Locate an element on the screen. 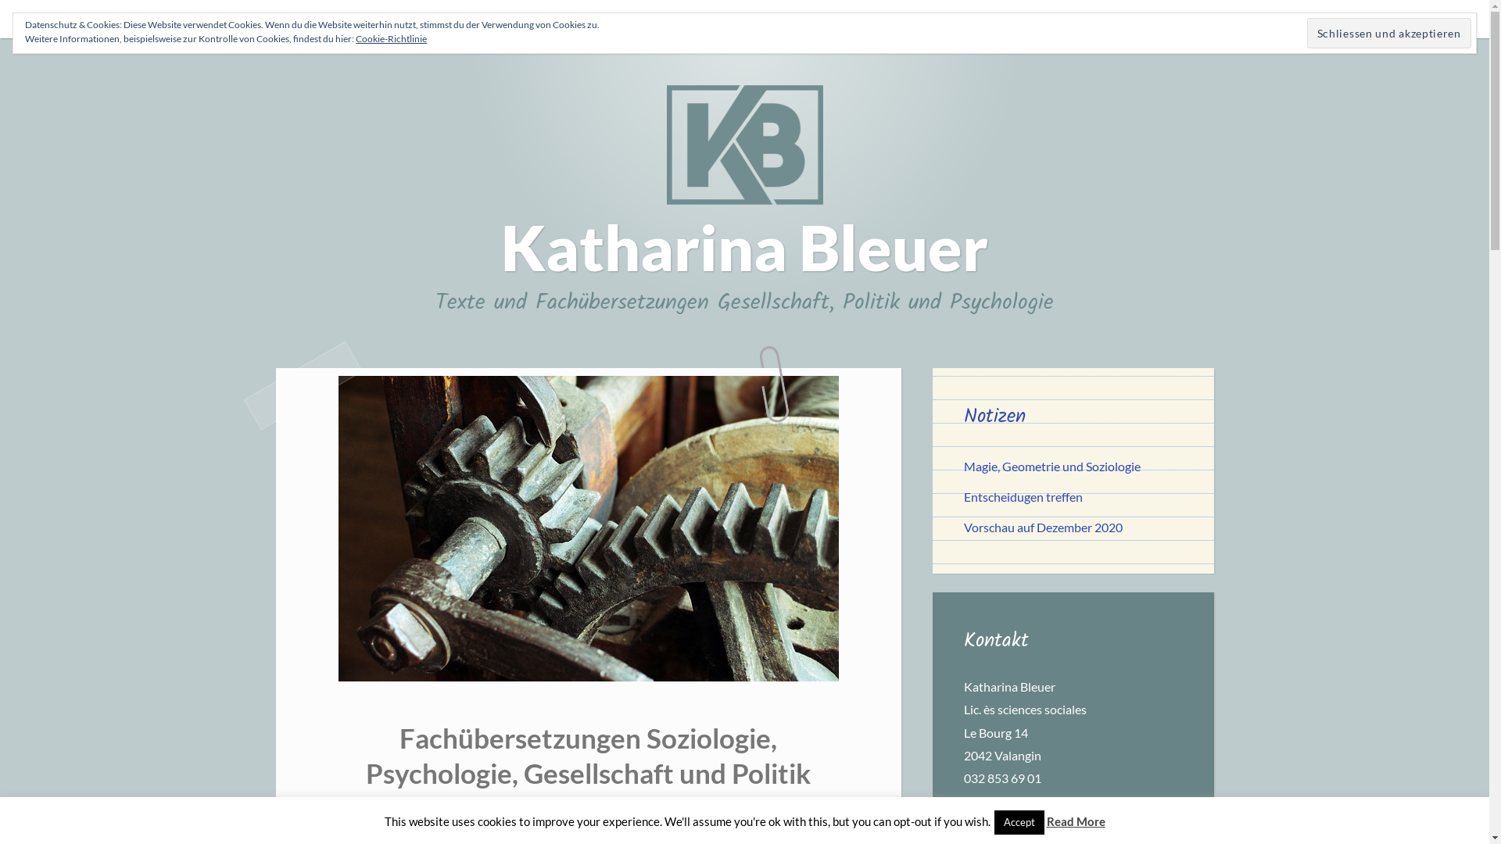 Image resolution: width=1501 pixels, height=844 pixels. 'Read More' is located at coordinates (1074, 820).